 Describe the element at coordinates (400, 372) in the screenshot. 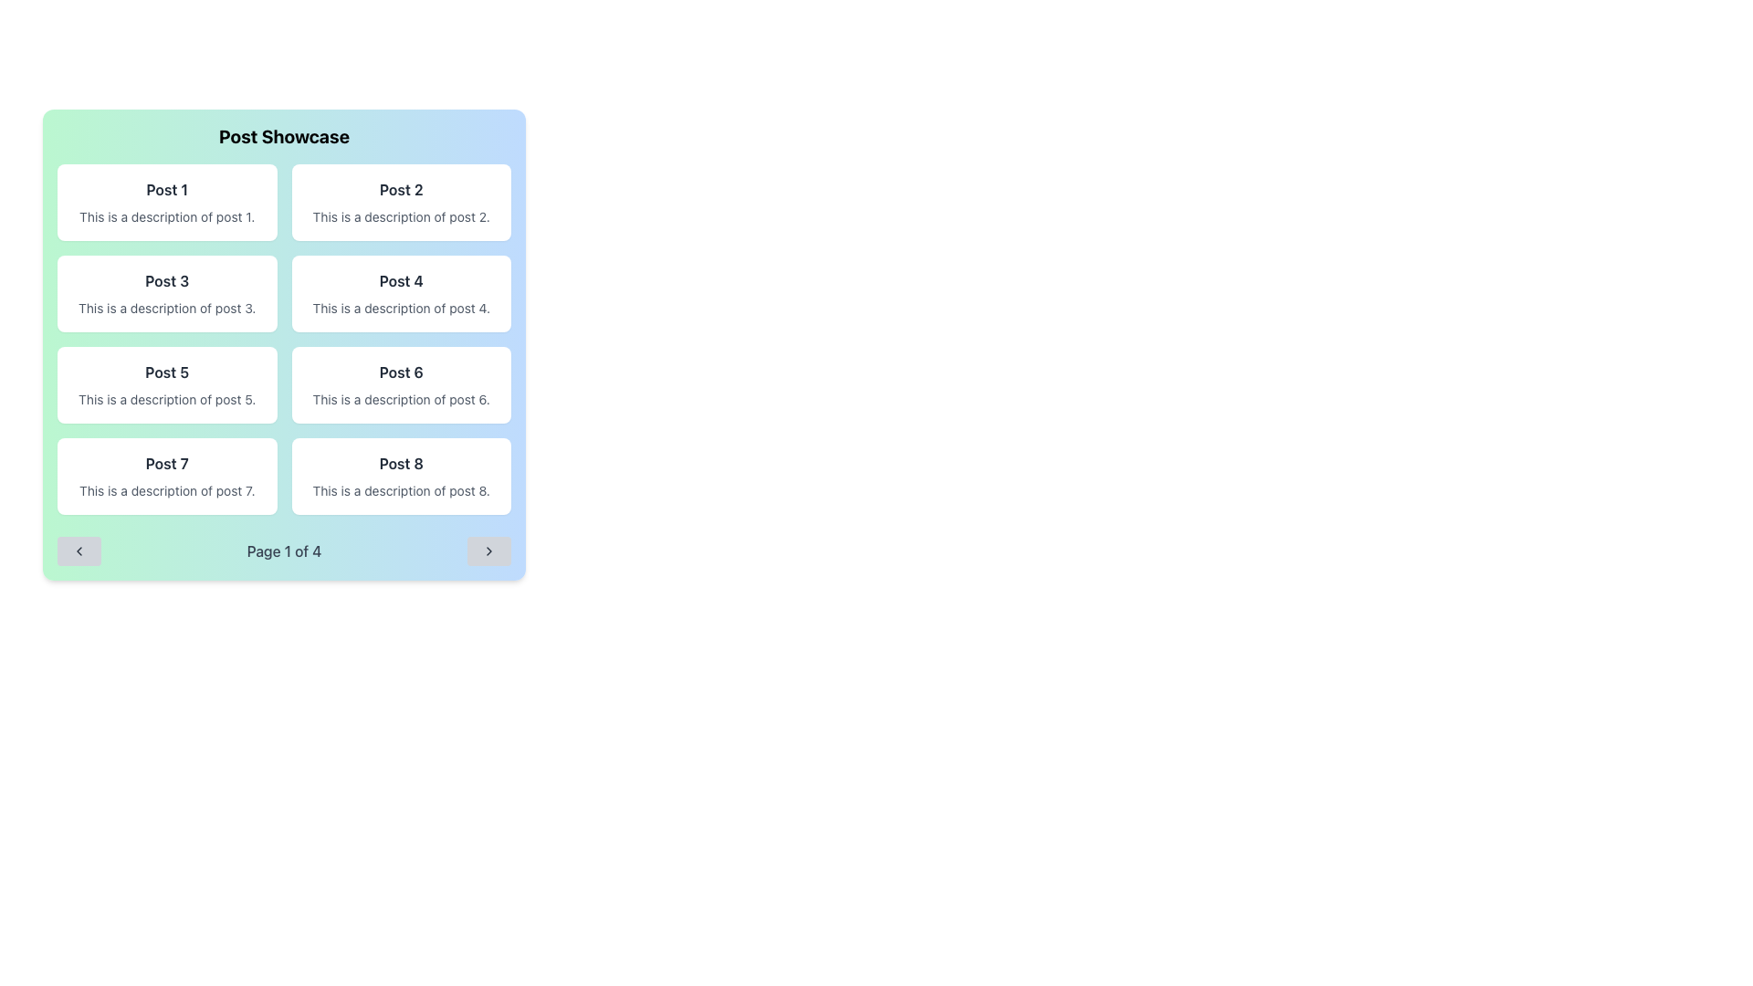

I see `the text label that serves as the title or header for the post, located` at that location.